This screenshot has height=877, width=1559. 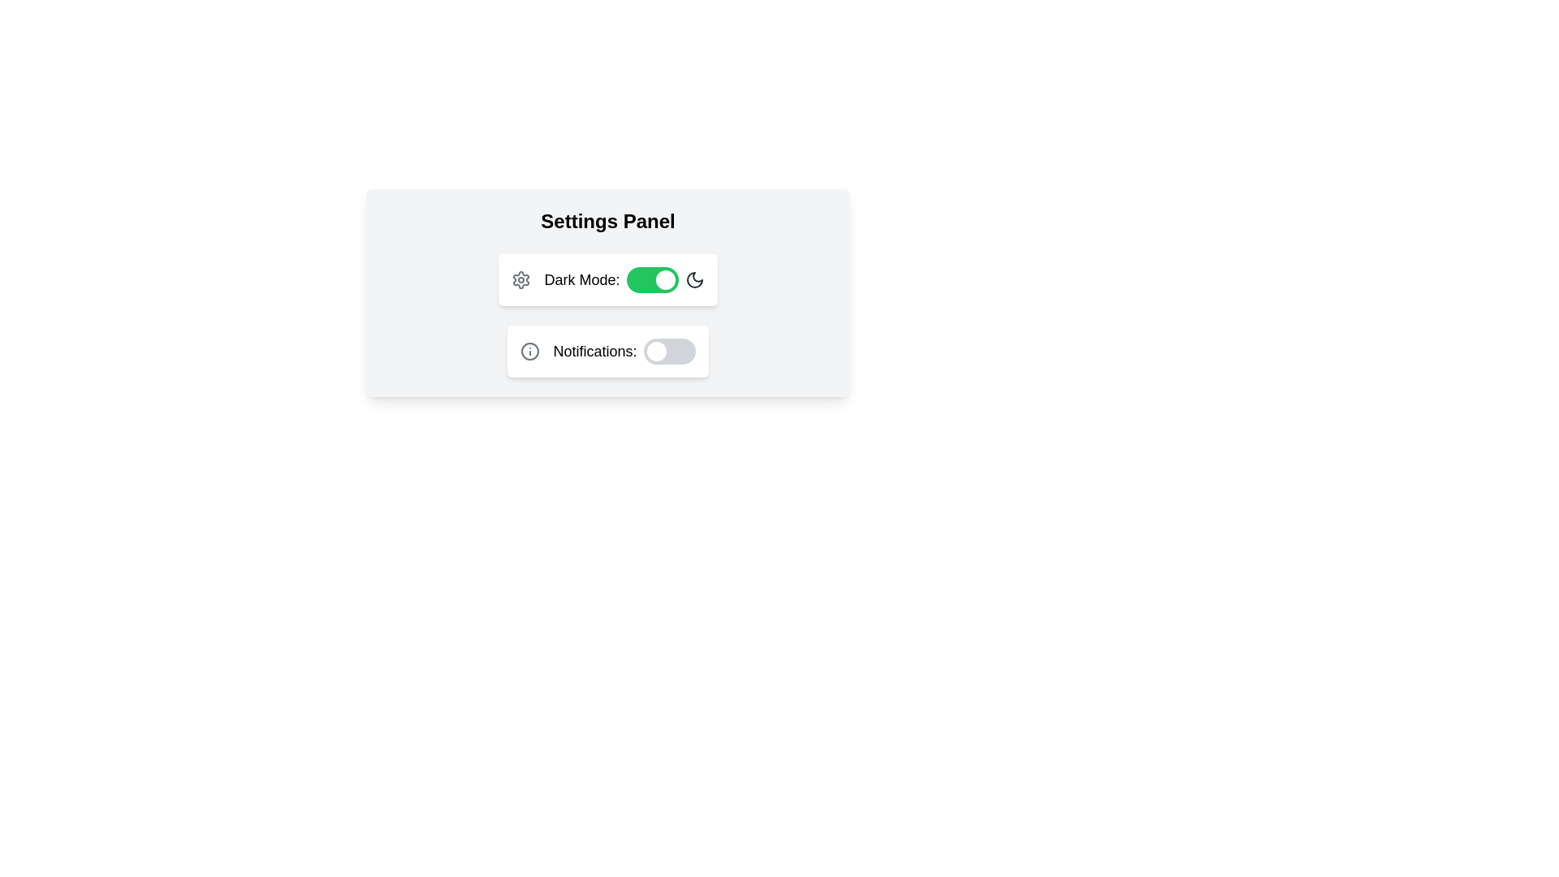 What do you see at coordinates (694, 279) in the screenshot?
I see `the moon icon styled in dark gray that is part of the 'Dark Mode:' setting, located to the right of the green toggle switch` at bounding box center [694, 279].